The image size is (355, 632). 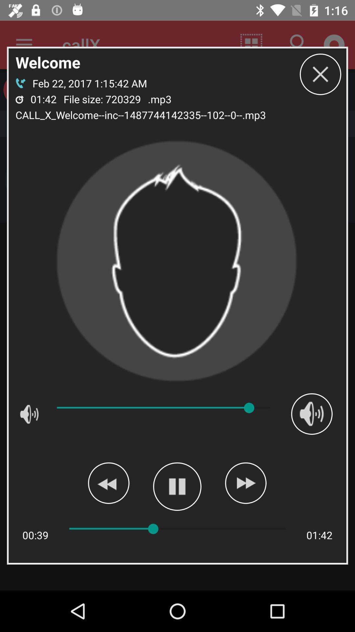 What do you see at coordinates (320, 74) in the screenshot?
I see `the icon to the right of .mp3 app` at bounding box center [320, 74].